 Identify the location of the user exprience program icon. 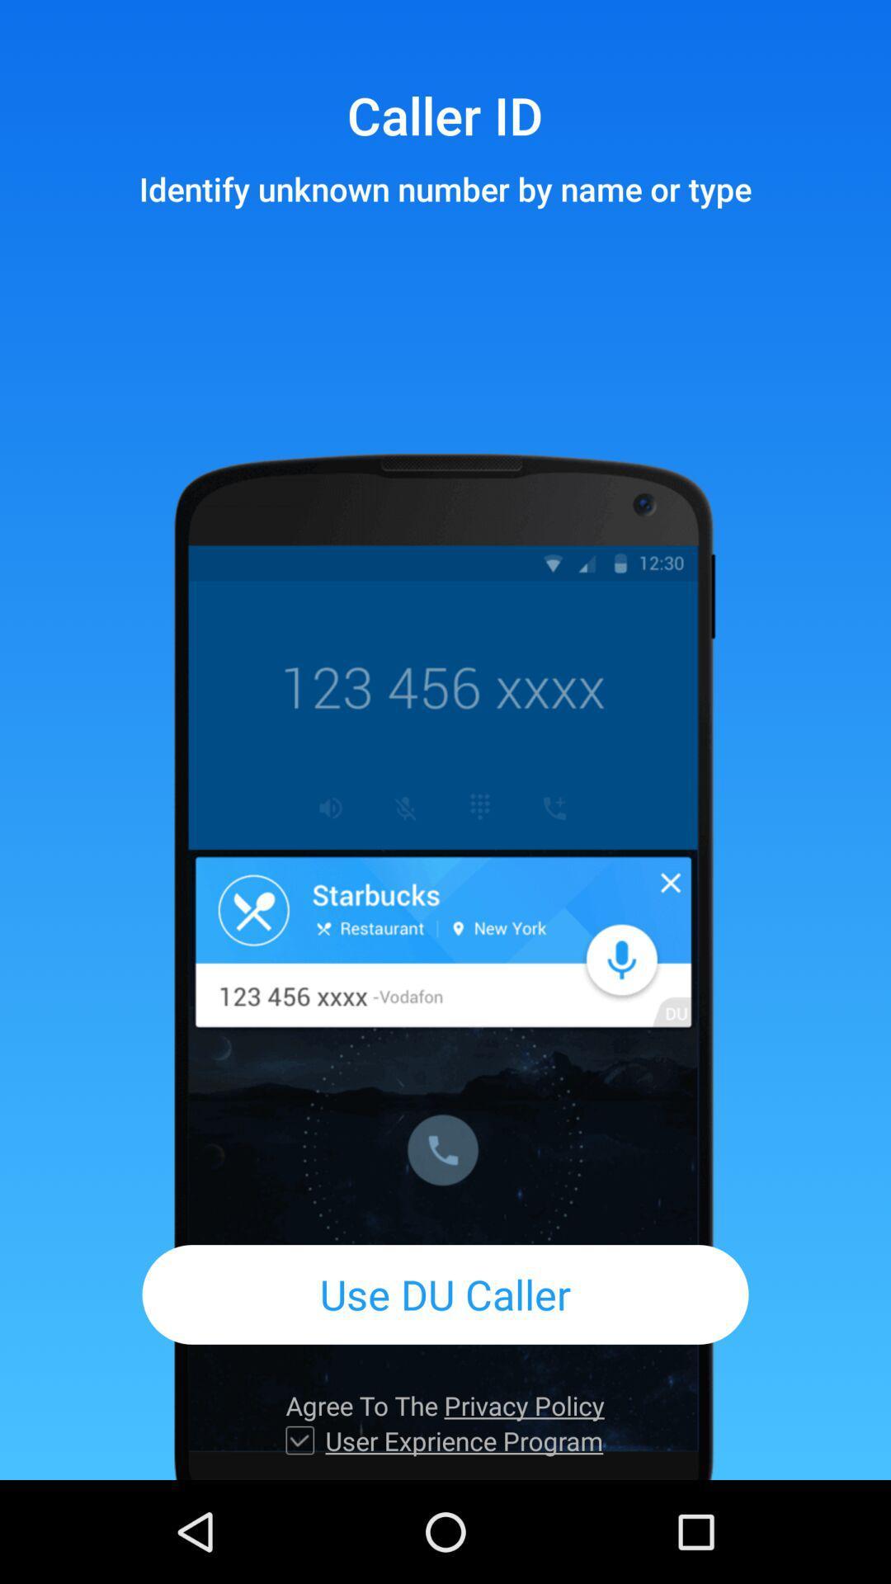
(464, 1440).